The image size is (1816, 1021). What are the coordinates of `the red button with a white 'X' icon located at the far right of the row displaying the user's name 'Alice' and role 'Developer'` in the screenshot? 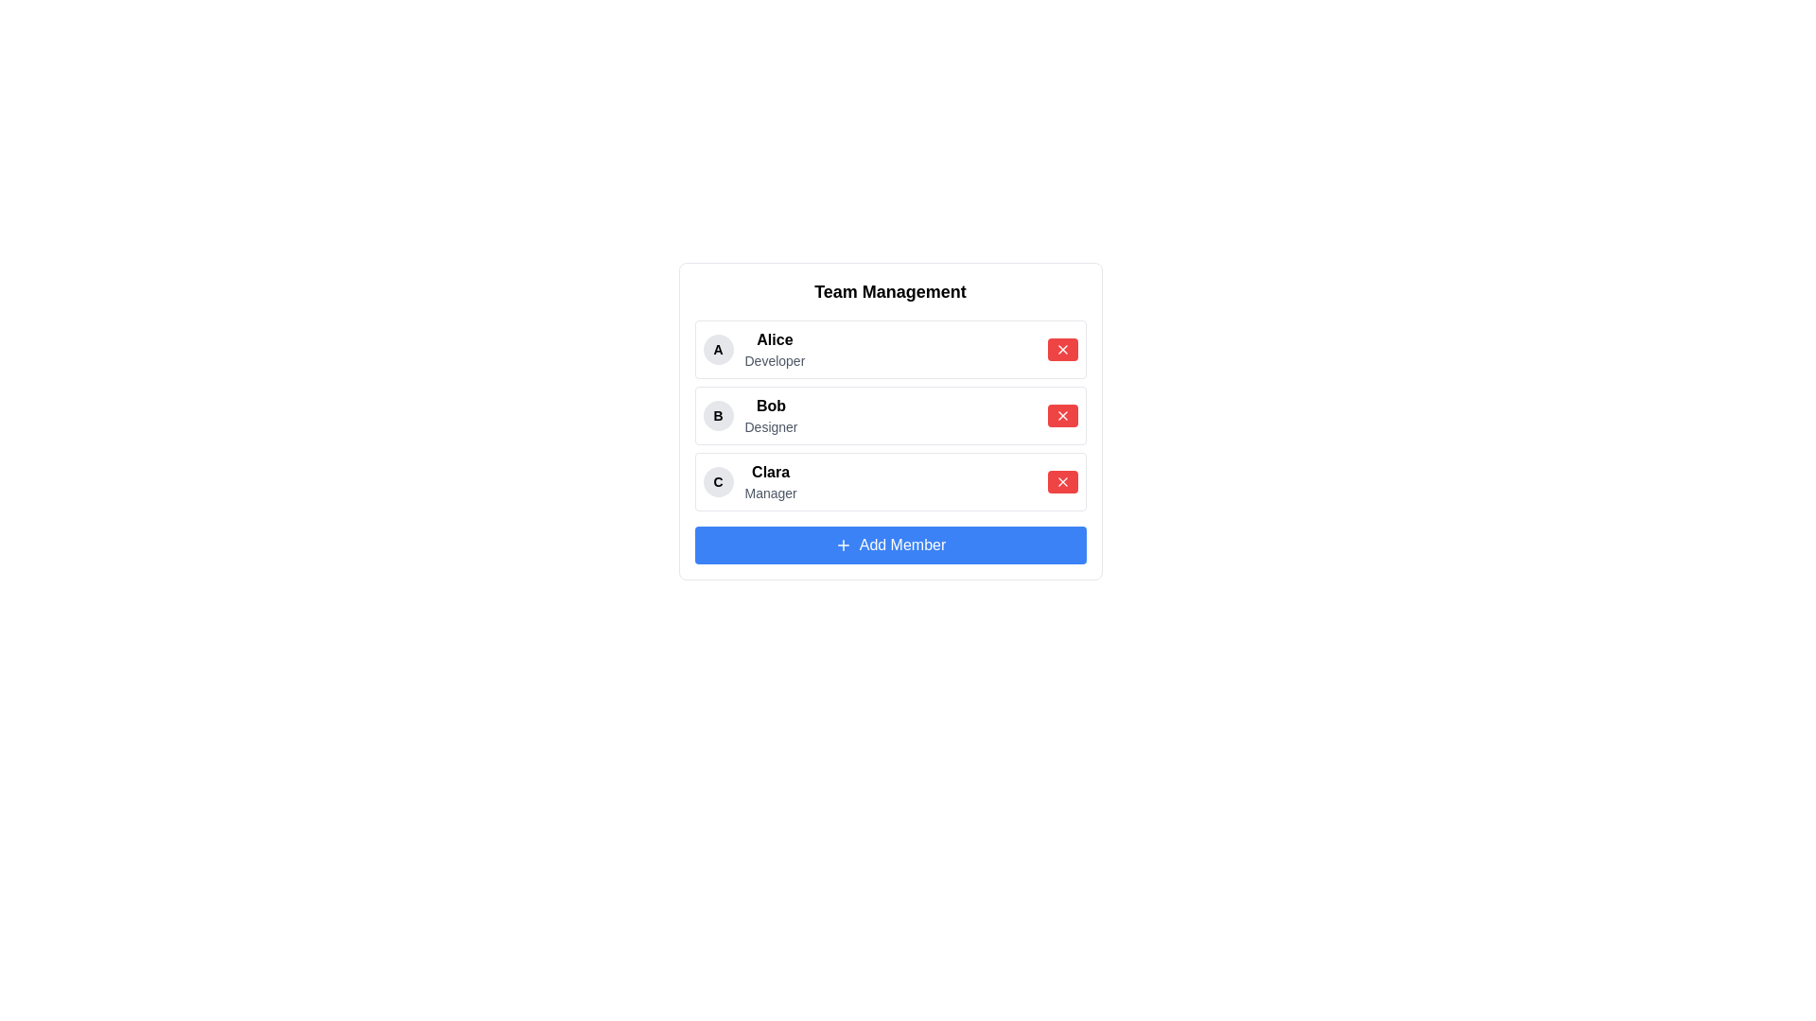 It's located at (1062, 350).